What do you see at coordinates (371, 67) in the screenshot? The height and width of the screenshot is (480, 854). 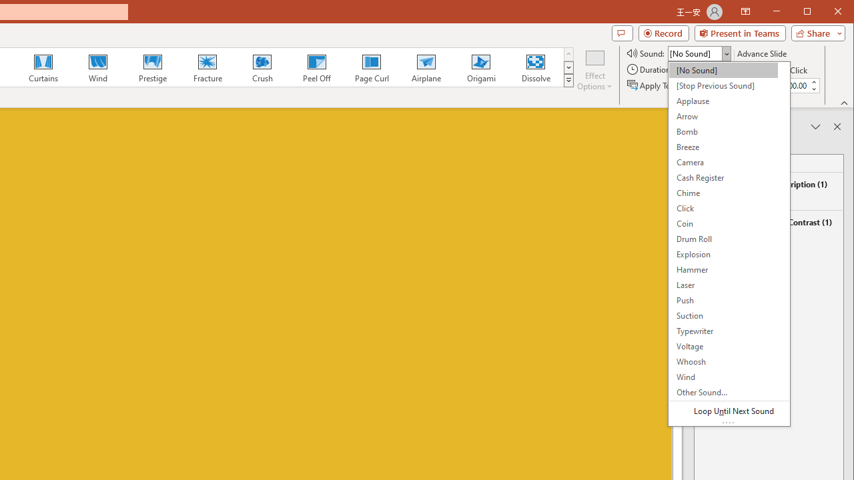 I see `'Page Curl'` at bounding box center [371, 67].